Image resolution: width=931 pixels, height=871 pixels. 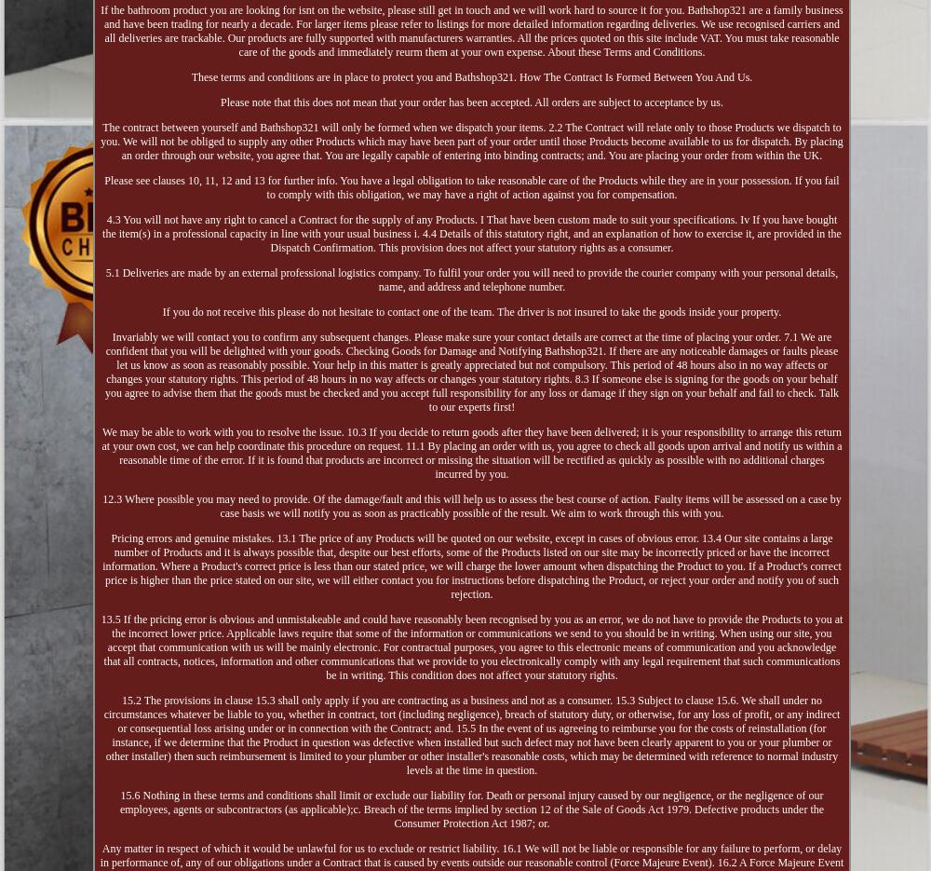 I want to click on 'If the bathroom product you are looking for isnt on the website, please still get in touch and we will work hard to source it for you. Bathshop321 are a family business and have been trading for nearly a decade. For larger items please refer to listings for more detailed information regarding deliveries. We use recognised carriers and all deliveries are trackable. Our products are fully supported with manufacturers warranties. All the prices quoted on this site include VAT. You must take reasonable care of the goods and immediately reurm them at your own expense. About these Terms and Conditions.', so click(x=471, y=29).